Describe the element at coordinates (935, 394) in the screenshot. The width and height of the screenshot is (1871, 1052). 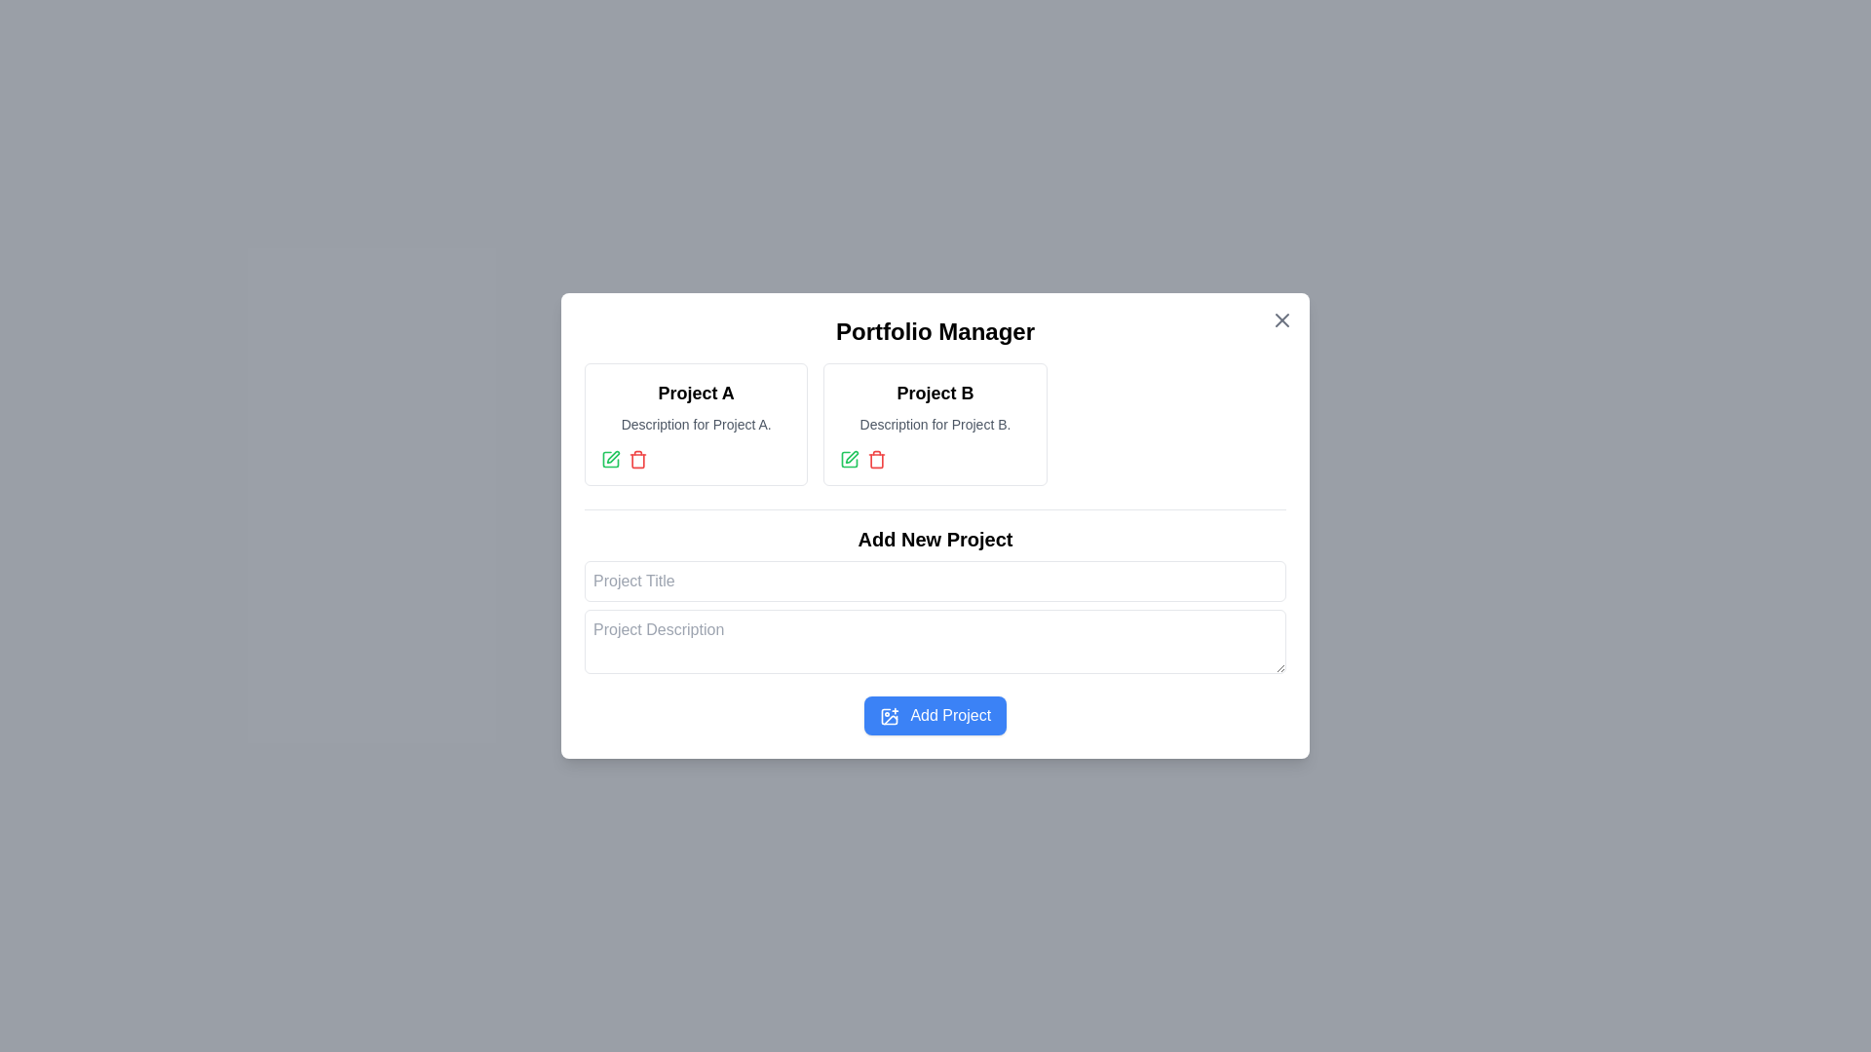
I see `the bold-text title labeled 'Project B' located at the top of the second card from the left` at that location.